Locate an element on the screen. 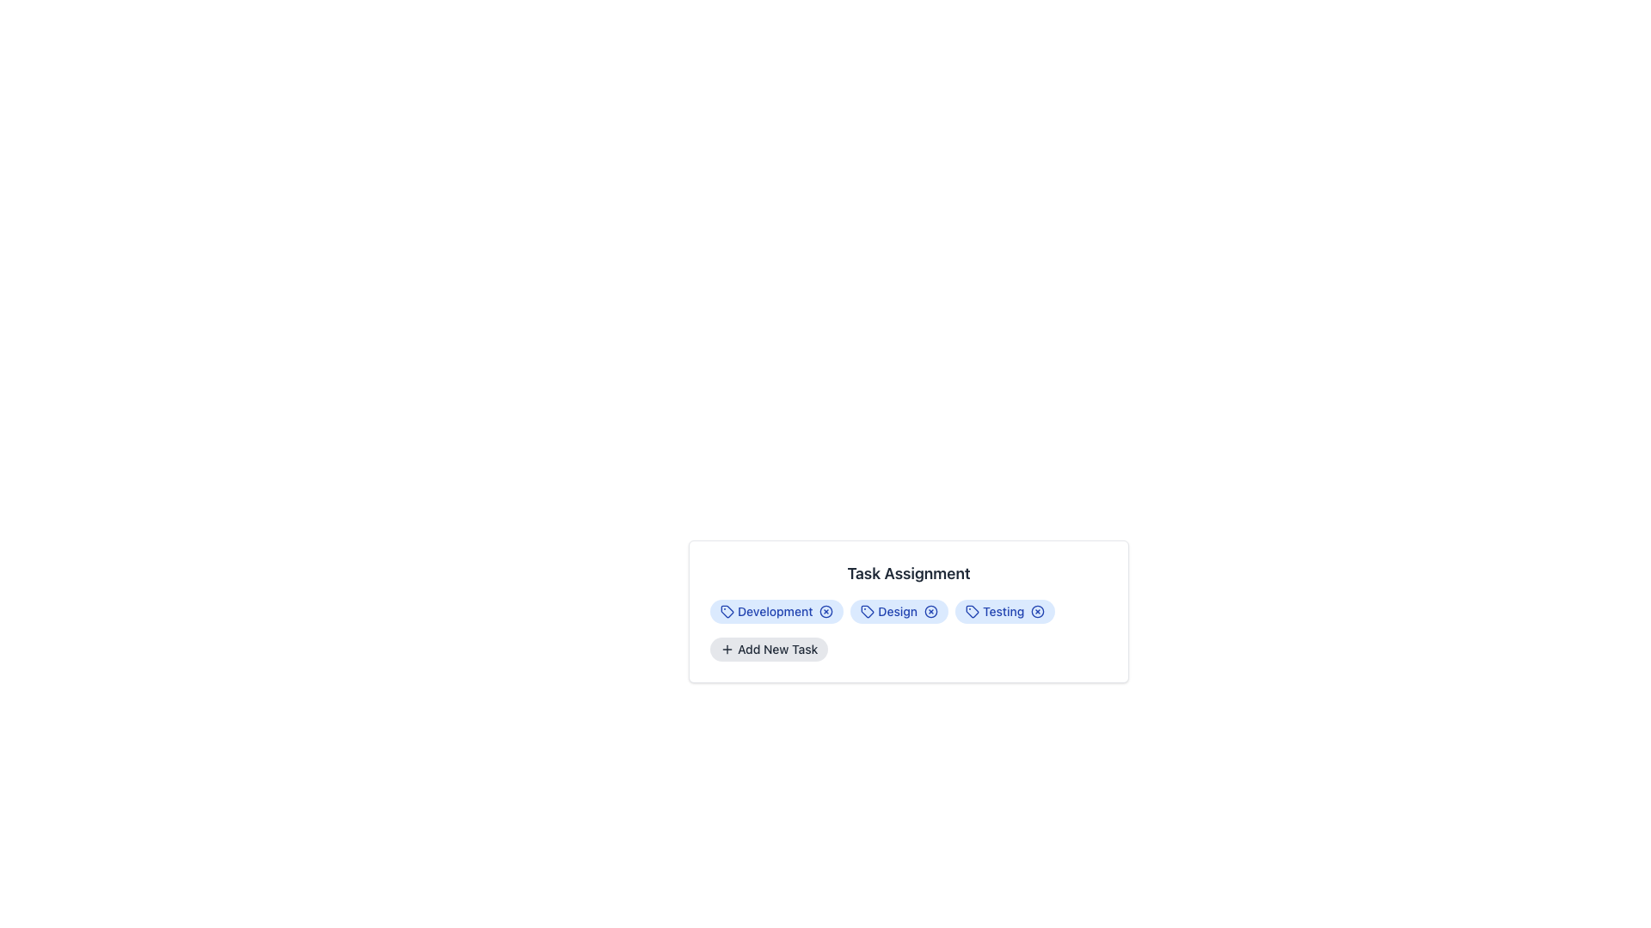  the tag-like SVG icon above the blue text labeled 'Design', which is contained within a button-like structure is located at coordinates (868, 611).